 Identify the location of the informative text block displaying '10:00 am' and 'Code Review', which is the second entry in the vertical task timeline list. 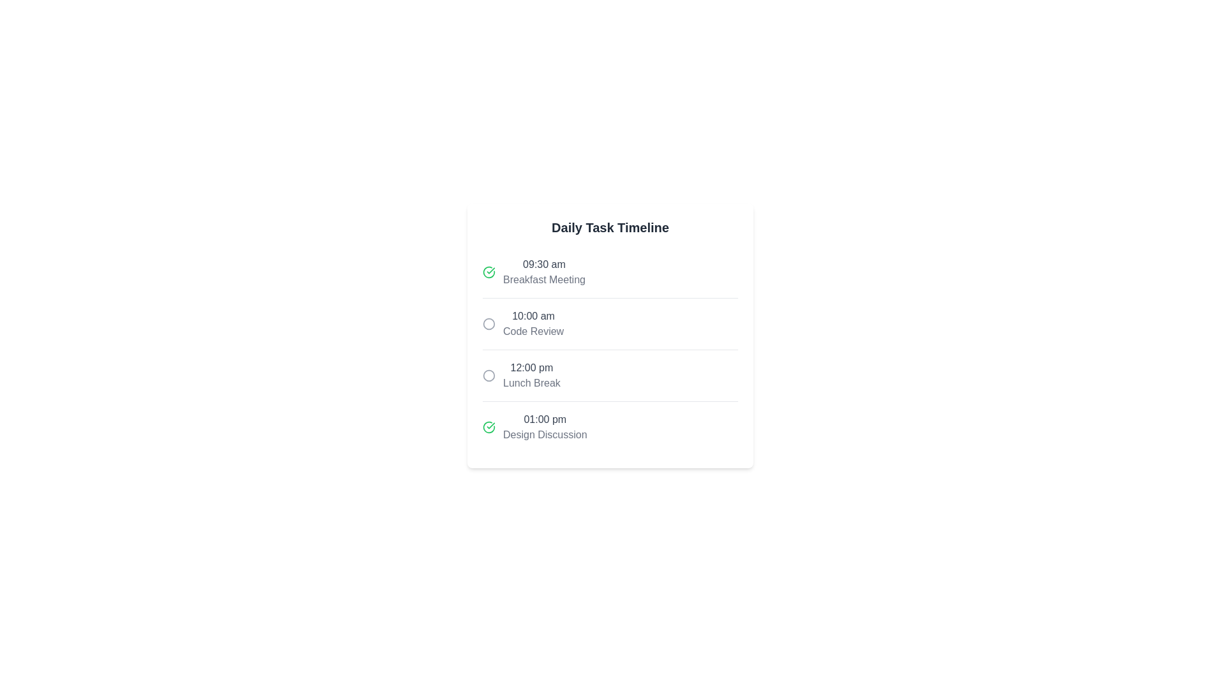
(533, 323).